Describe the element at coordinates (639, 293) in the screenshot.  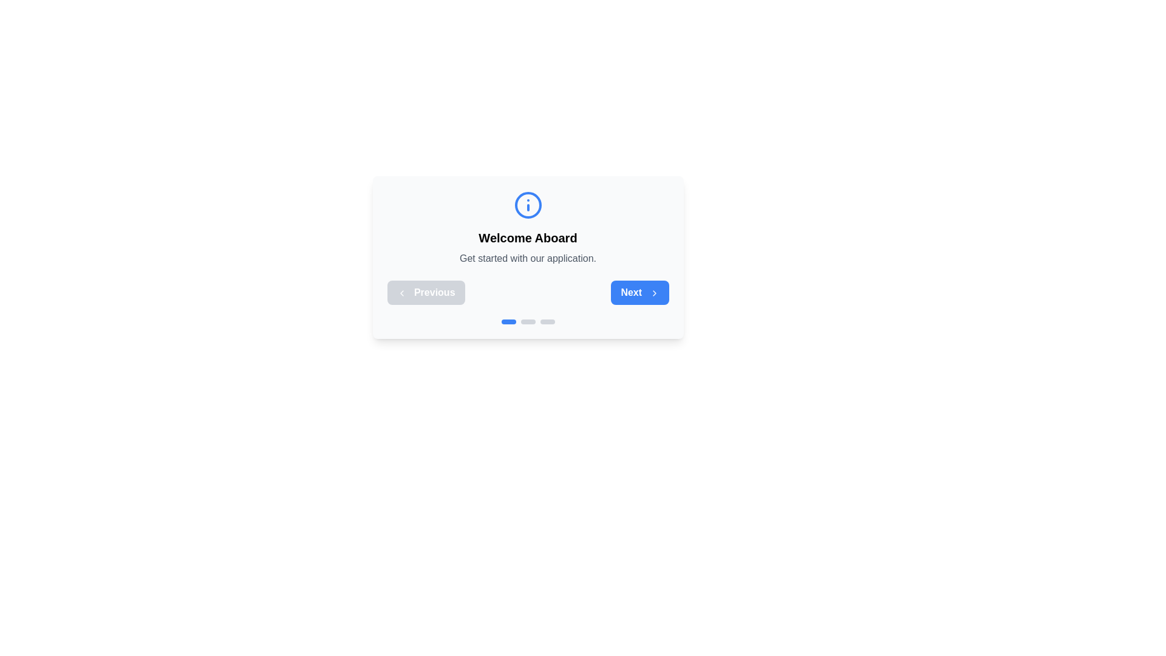
I see `the blue 'Next' button featuring bold white text and a right-pointing chevron icon` at that location.